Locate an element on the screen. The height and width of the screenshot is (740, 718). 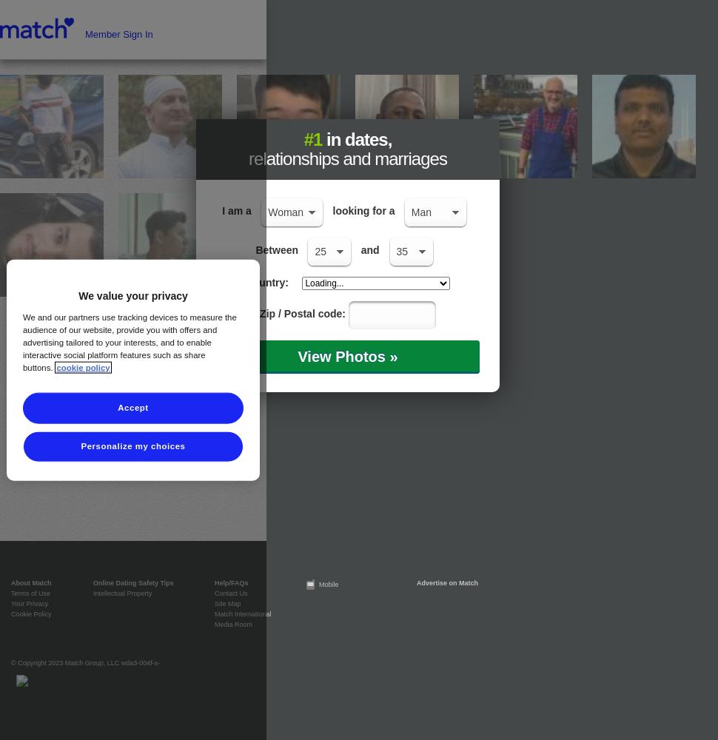
'Zip / Postal code:' is located at coordinates (303, 314).